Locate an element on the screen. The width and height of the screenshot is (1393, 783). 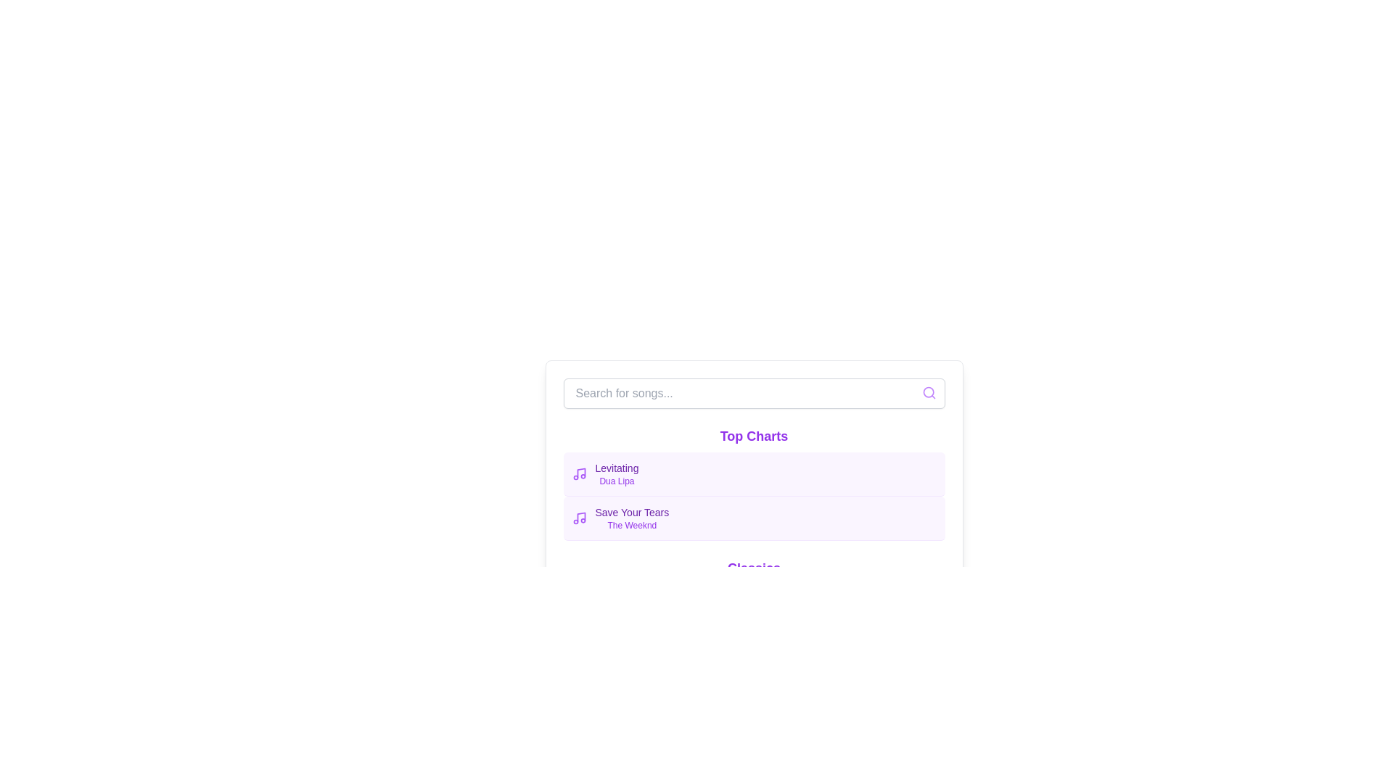
the text label that indicates 'Top Charts', which is positioned near the top of the list, directly below the search bar is located at coordinates (754, 435).